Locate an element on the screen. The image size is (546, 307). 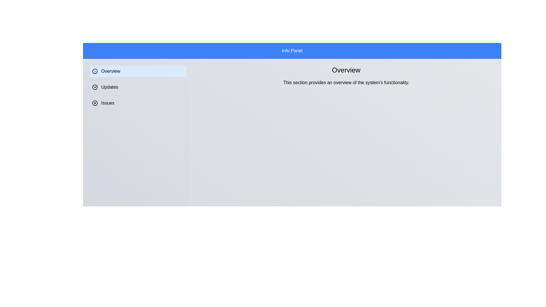
the icon for the Issues section is located at coordinates (95, 103).